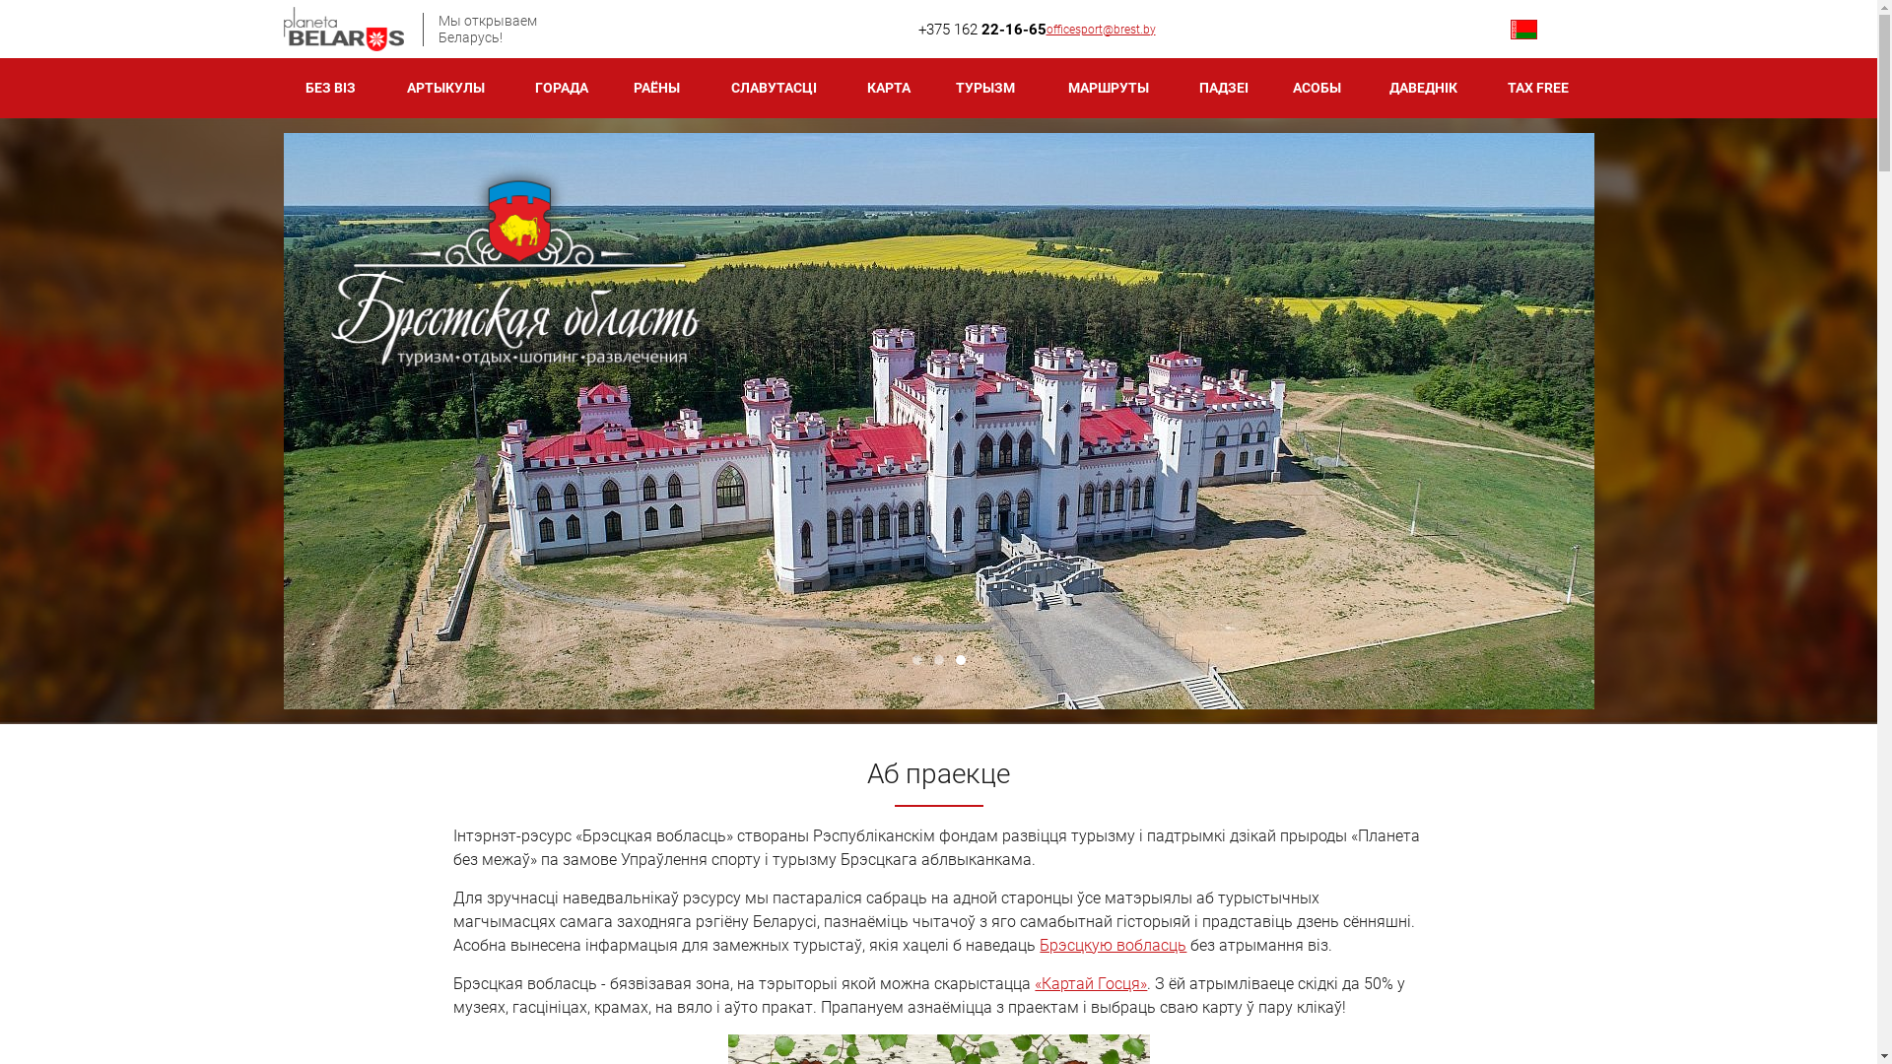  What do you see at coordinates (1536, 87) in the screenshot?
I see `'TAX FREE'` at bounding box center [1536, 87].